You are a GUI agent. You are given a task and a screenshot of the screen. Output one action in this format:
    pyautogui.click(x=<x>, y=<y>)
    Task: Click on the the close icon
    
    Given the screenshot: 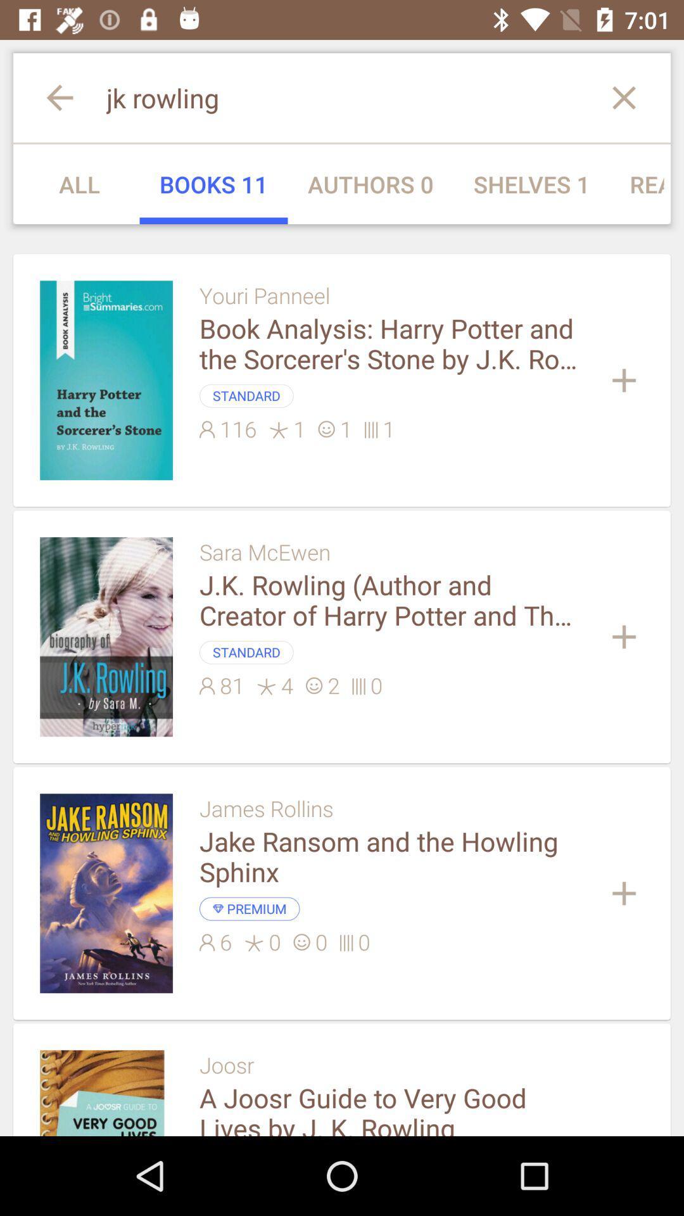 What is the action you would take?
    pyautogui.click(x=637, y=97)
    